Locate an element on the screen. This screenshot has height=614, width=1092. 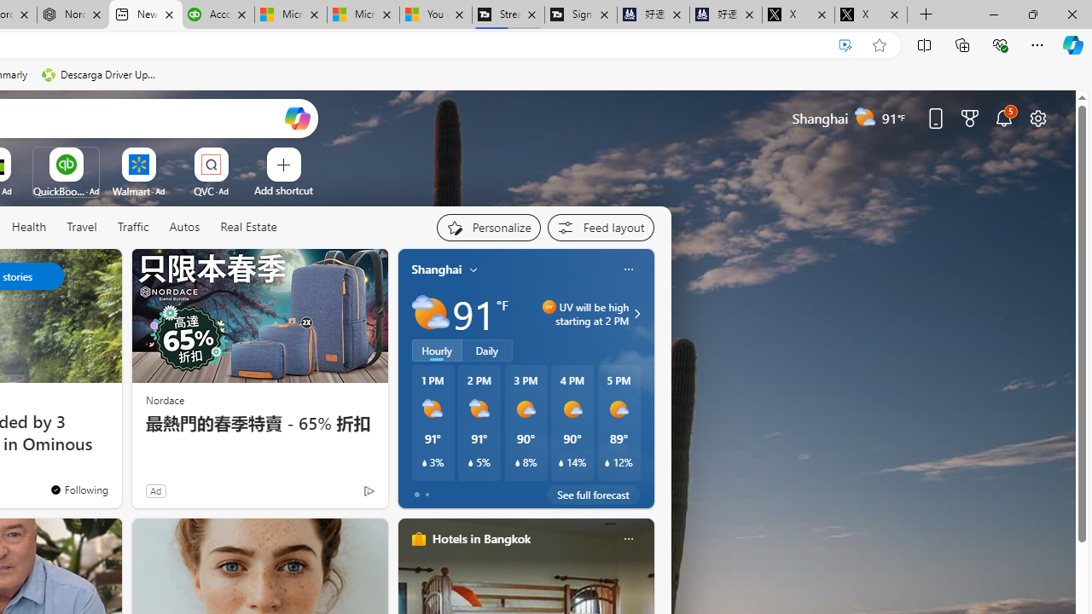
'Partly sunny' is located at coordinates (430, 314).